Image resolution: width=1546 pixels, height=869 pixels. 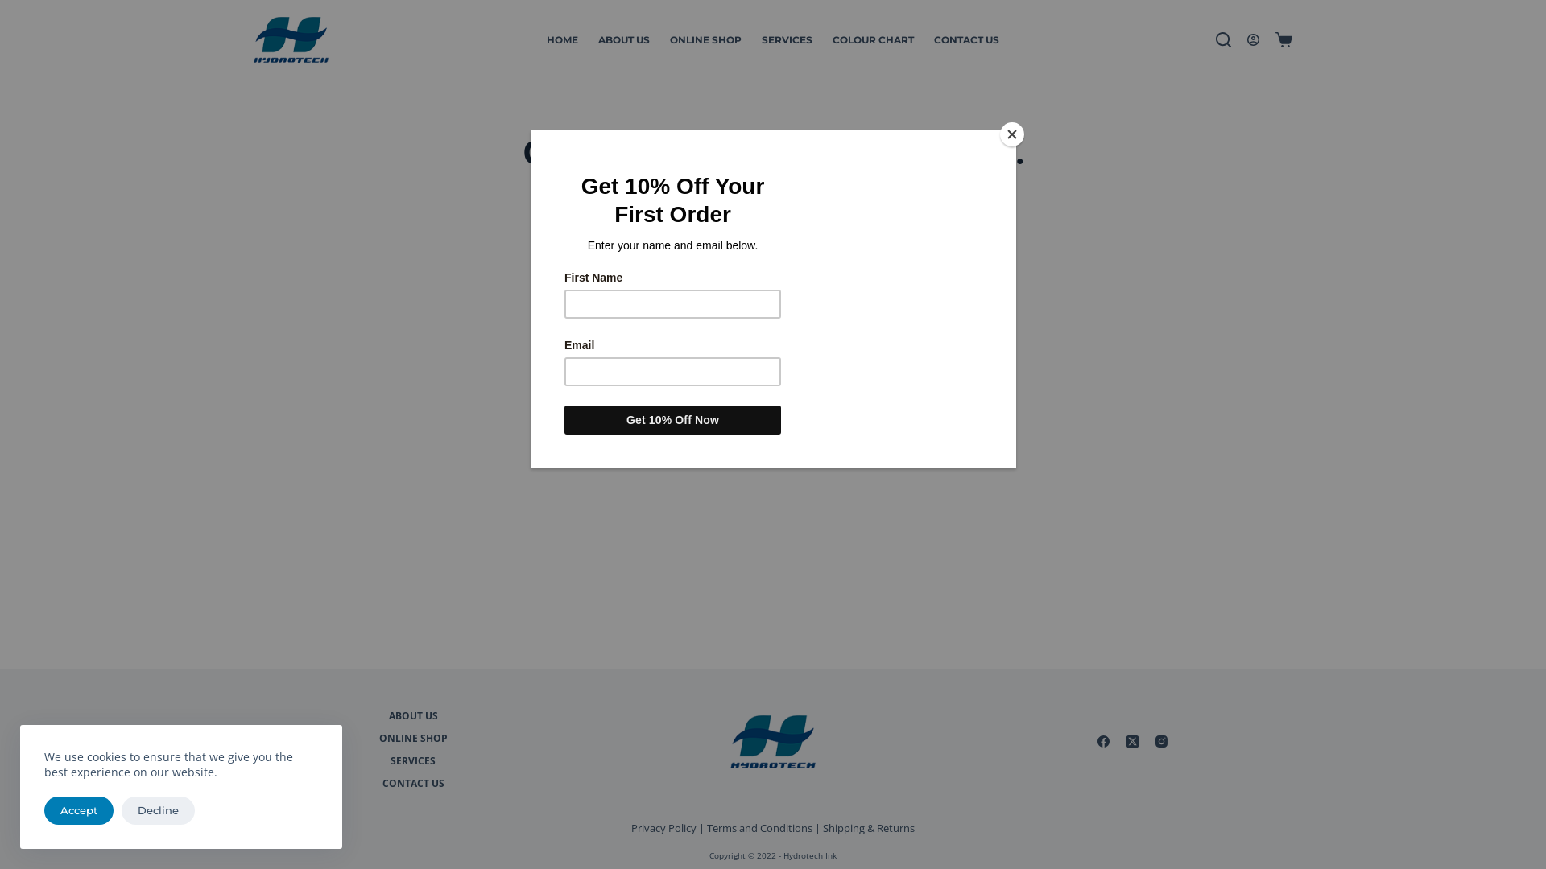 What do you see at coordinates (413, 715) in the screenshot?
I see `'ABOUT US'` at bounding box center [413, 715].